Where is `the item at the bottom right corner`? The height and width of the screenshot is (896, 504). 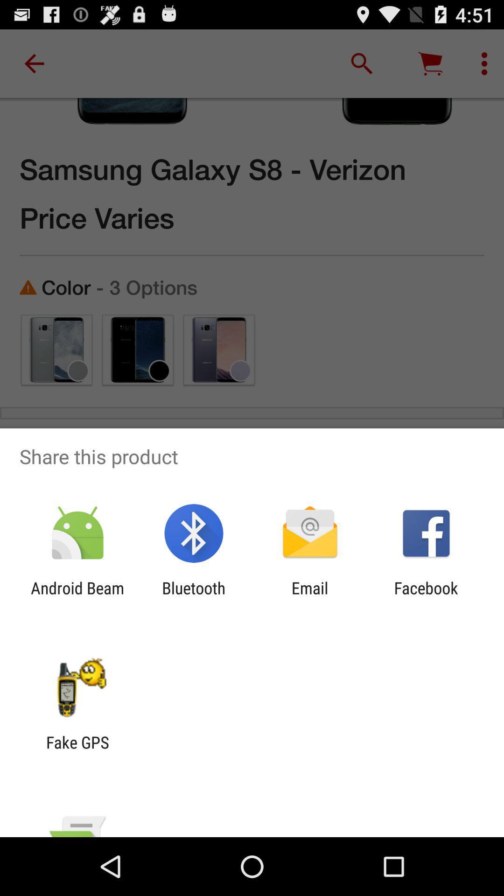 the item at the bottom right corner is located at coordinates (426, 598).